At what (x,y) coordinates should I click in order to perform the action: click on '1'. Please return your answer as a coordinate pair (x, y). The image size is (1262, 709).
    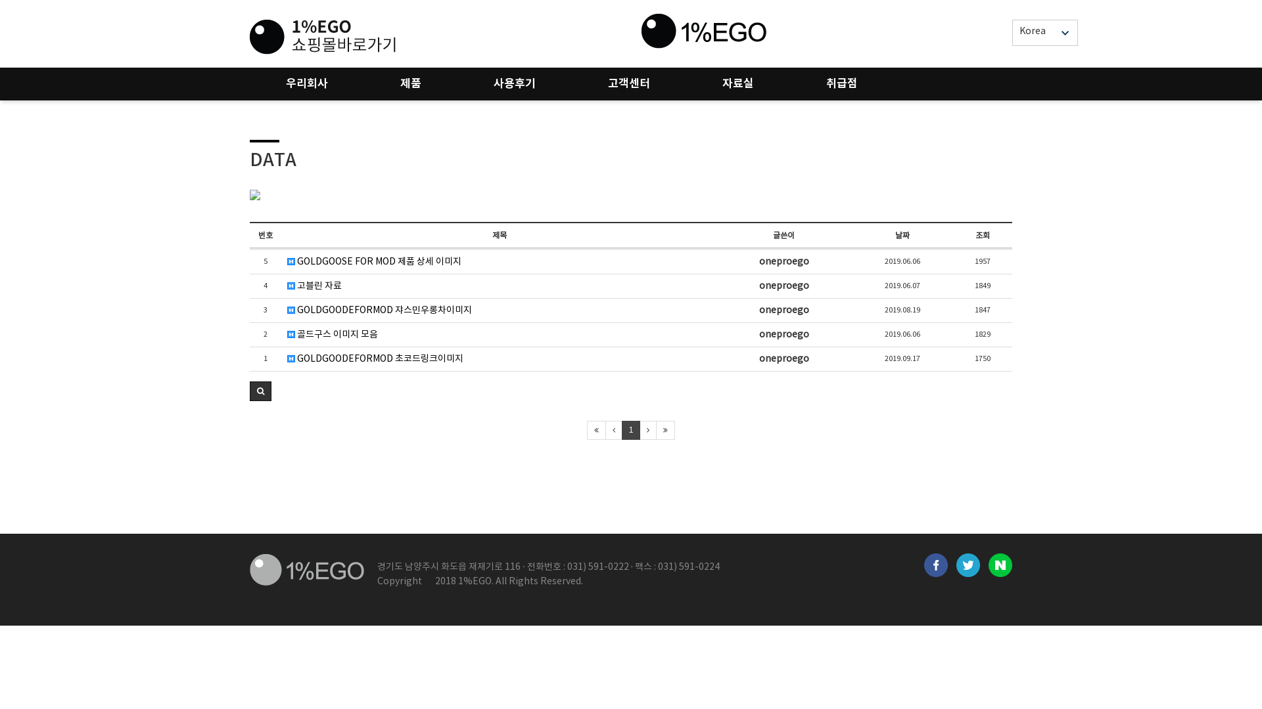
    Looking at the image, I should click on (631, 430).